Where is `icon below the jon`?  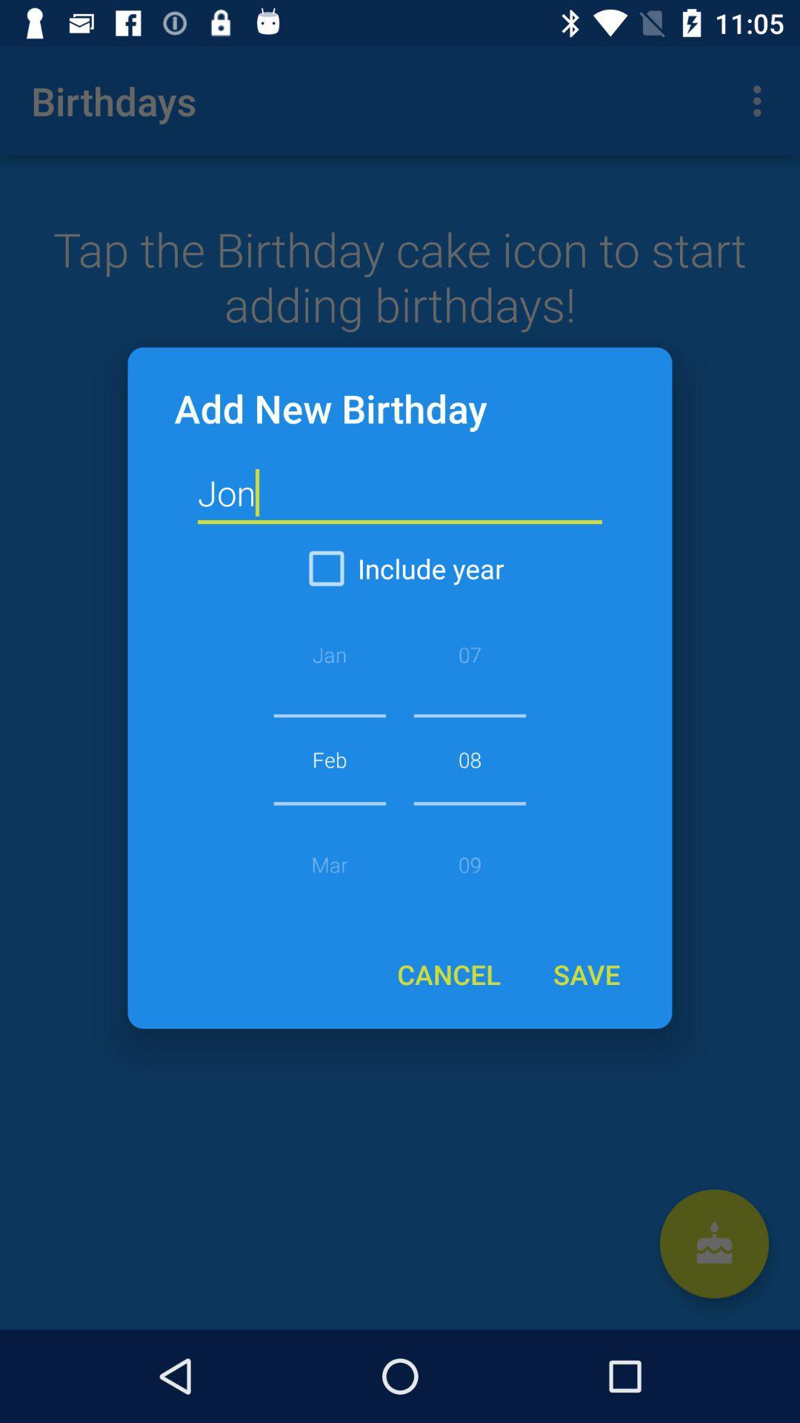
icon below the jon is located at coordinates (400, 568).